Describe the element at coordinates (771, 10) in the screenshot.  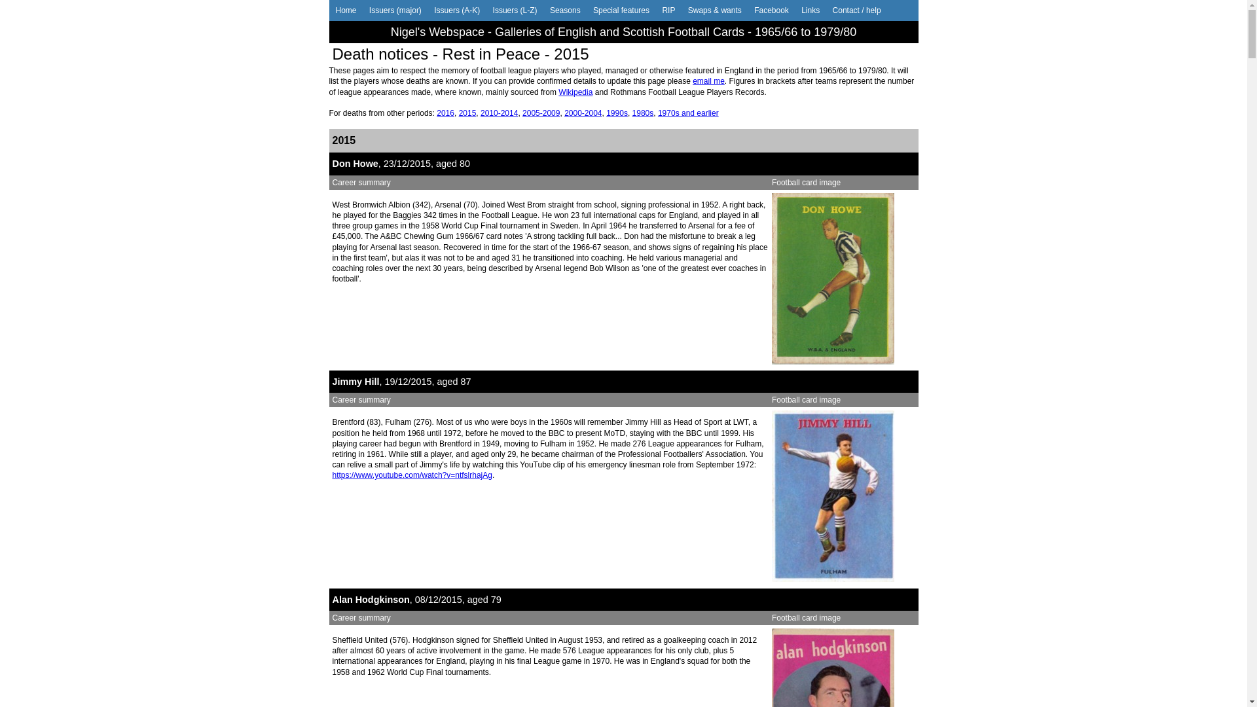
I see `'Facebook'` at that location.